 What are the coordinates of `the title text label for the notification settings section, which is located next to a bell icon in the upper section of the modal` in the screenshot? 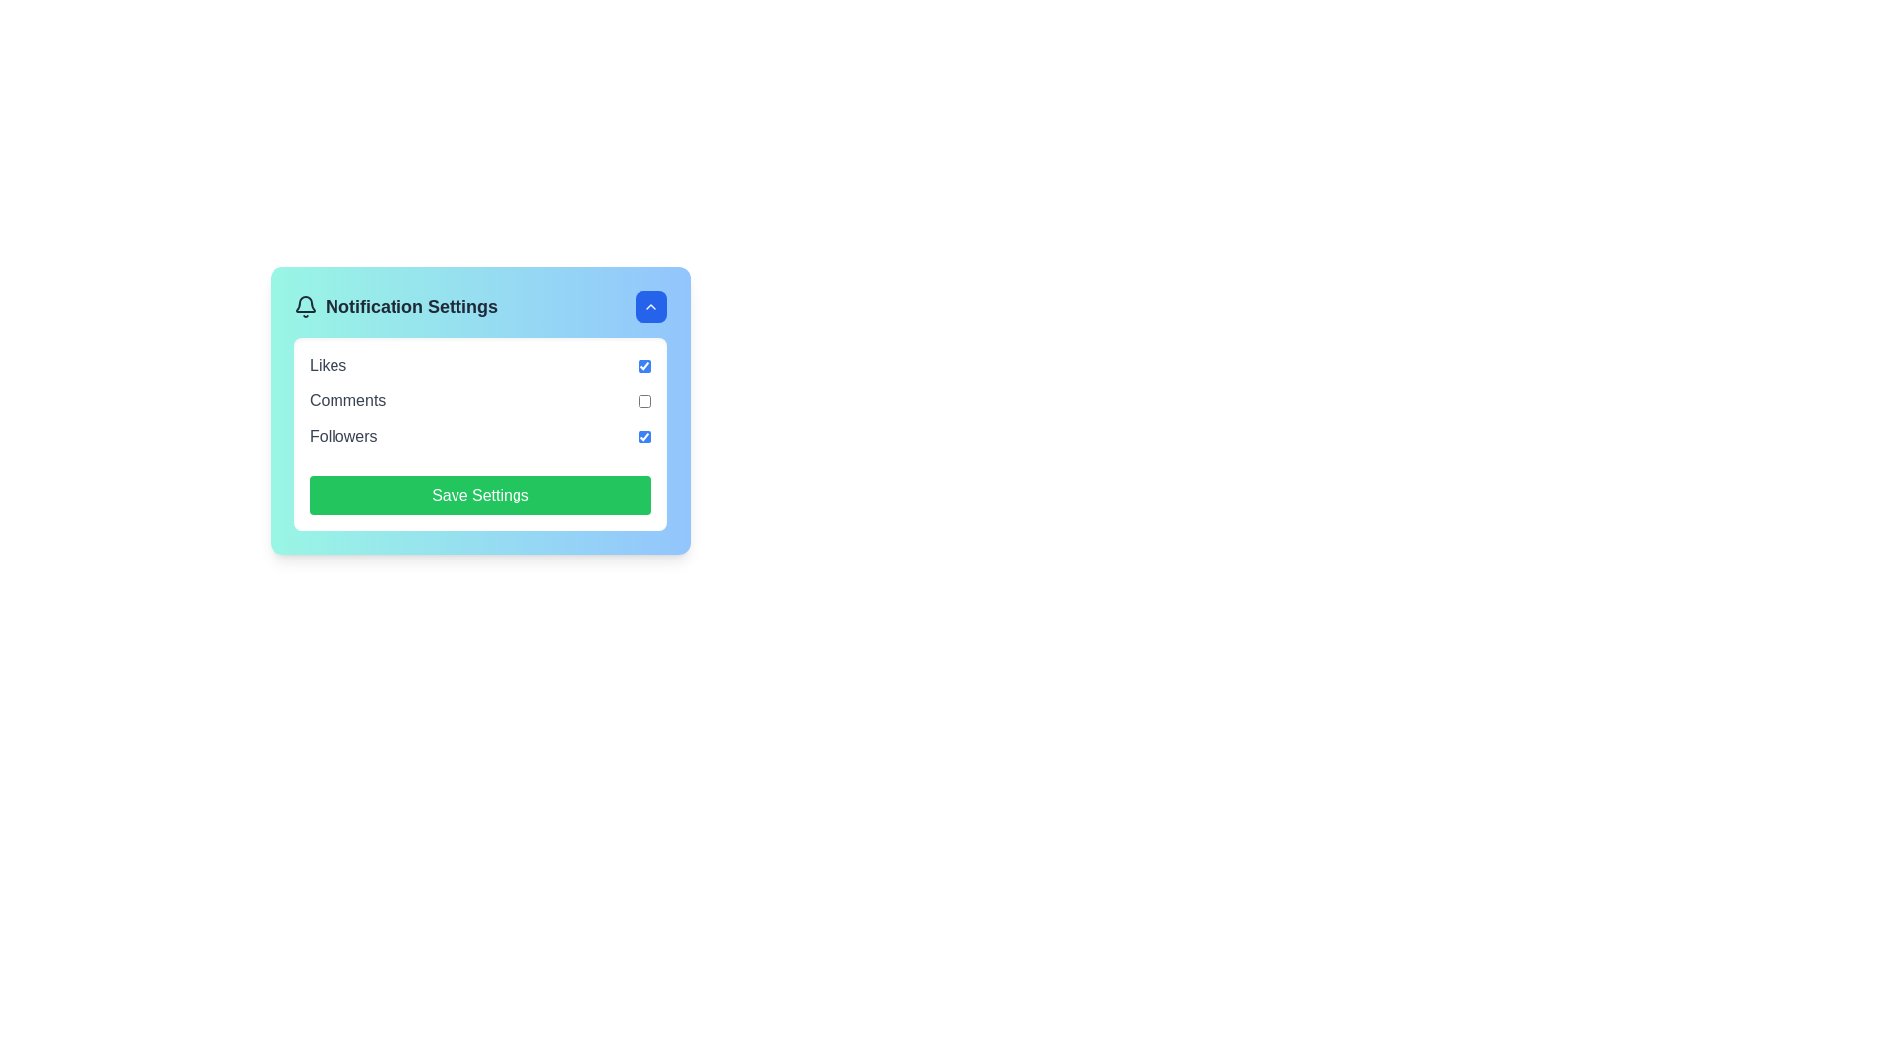 It's located at (395, 307).